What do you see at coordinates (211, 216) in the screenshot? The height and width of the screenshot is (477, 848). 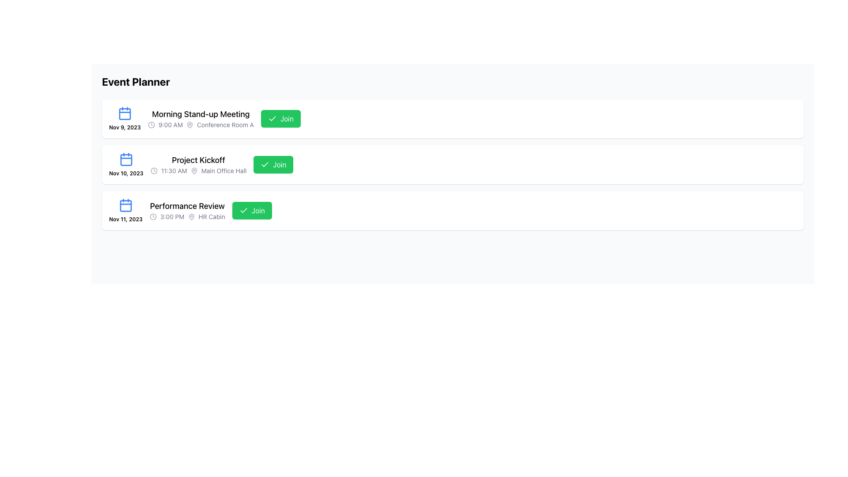 I see `text displayed in the 'HR Cabin' text label, which is styled in gray and located at the bottom section of the last event in the 'Event Planner' interface` at bounding box center [211, 216].